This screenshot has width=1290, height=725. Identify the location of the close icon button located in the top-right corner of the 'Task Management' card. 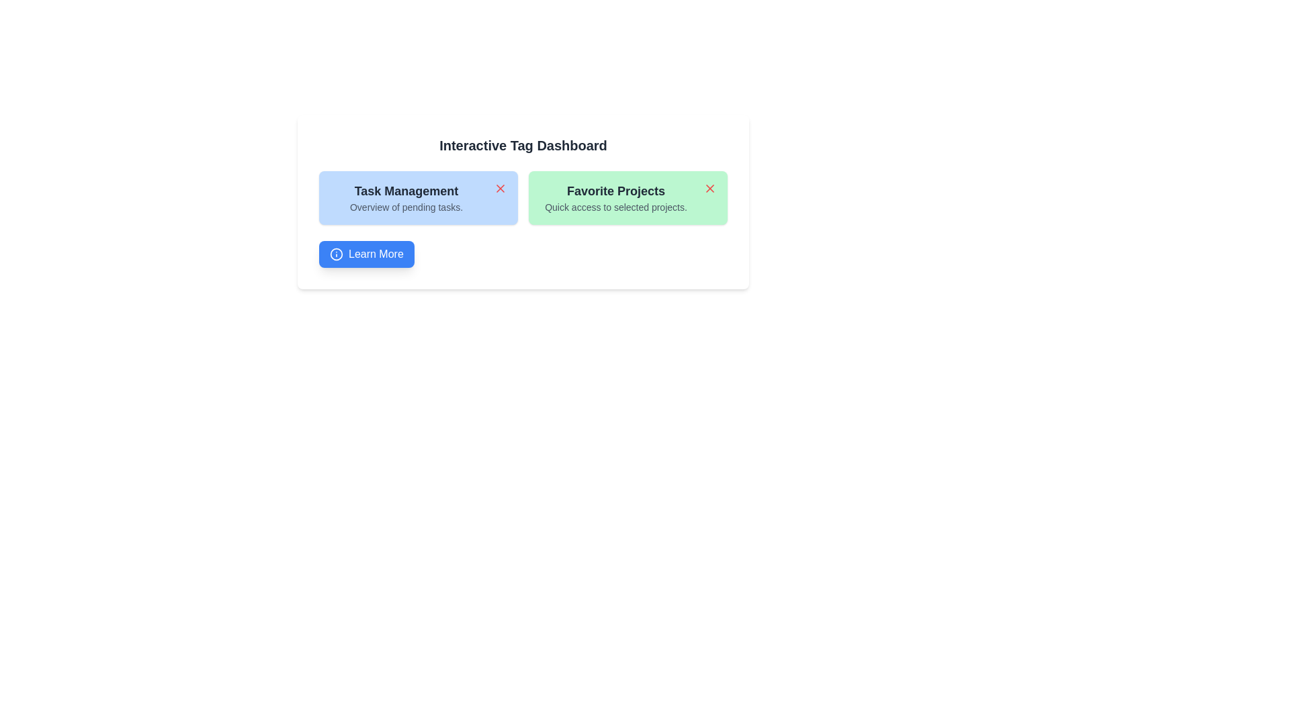
(499, 189).